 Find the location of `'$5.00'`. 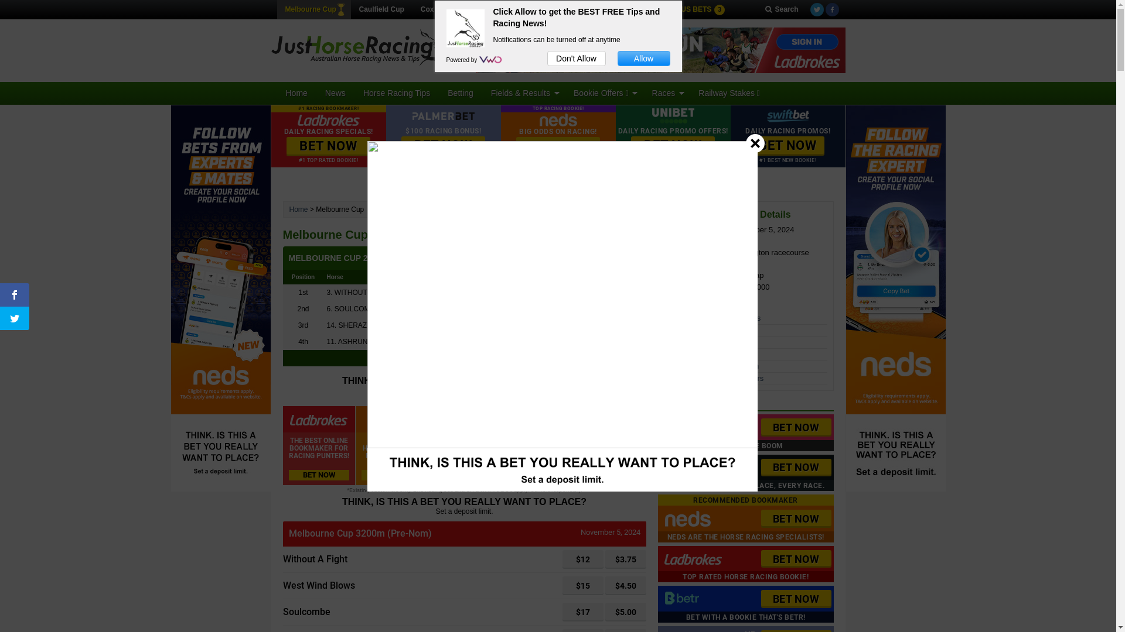

'$5.00' is located at coordinates (624, 611).